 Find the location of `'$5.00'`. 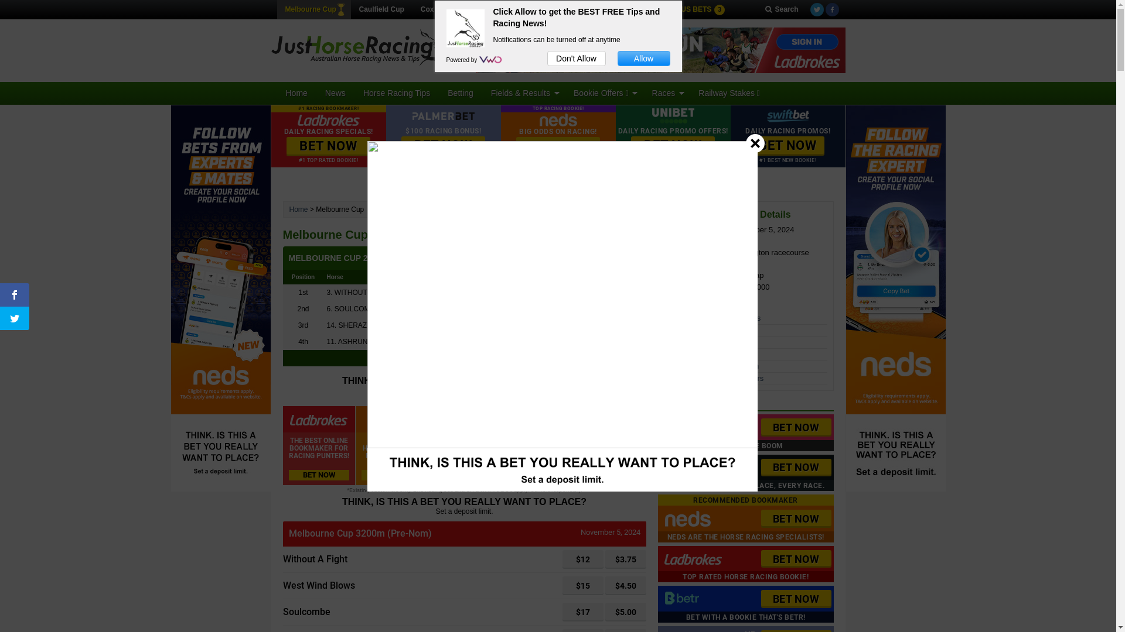

'$5.00' is located at coordinates (624, 611).